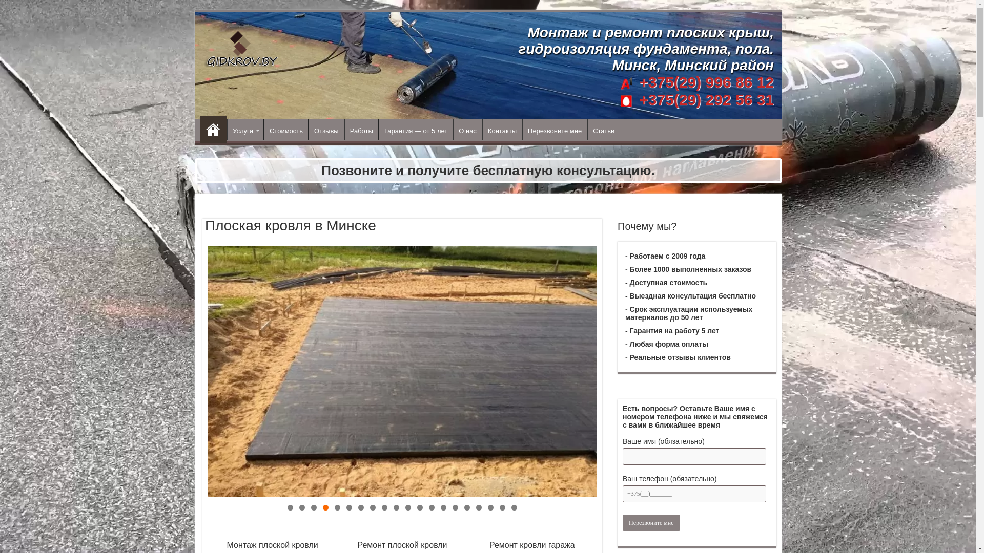 This screenshot has height=553, width=984. I want to click on '16', so click(466, 507).